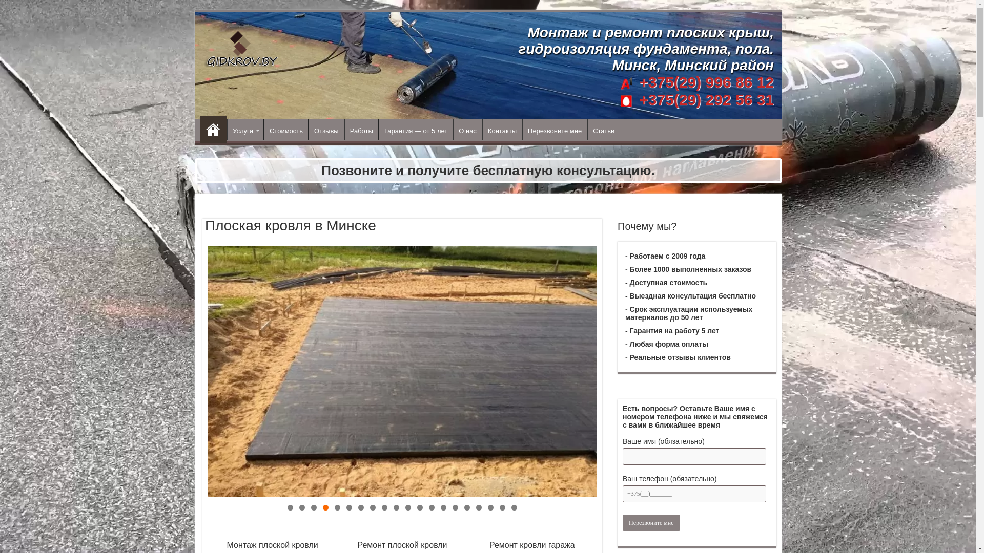 This screenshot has height=553, width=984. I want to click on '16', so click(466, 507).